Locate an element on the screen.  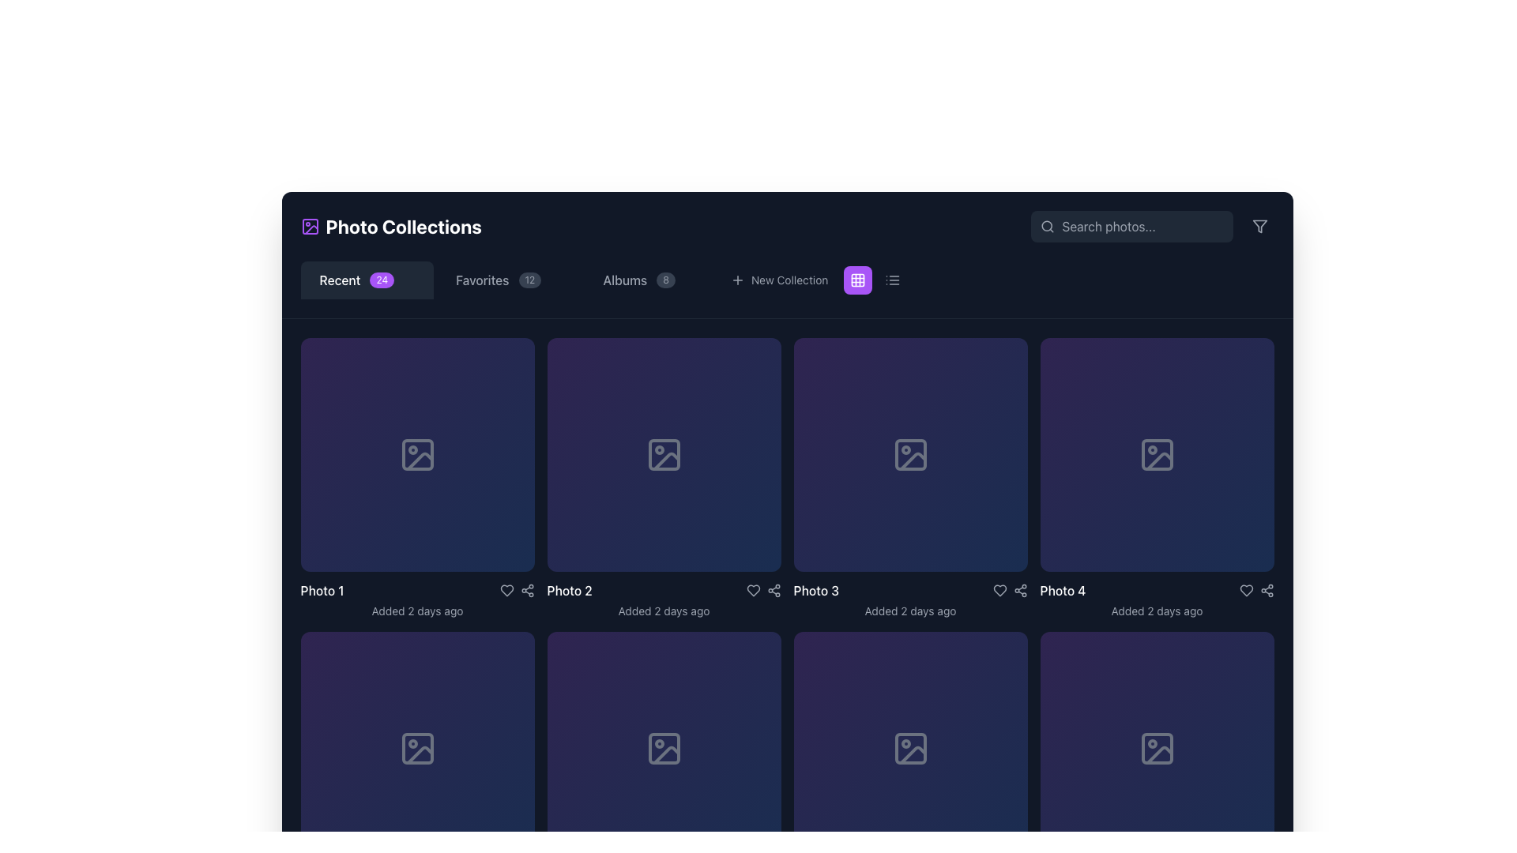
the text label displaying 'Added 2 days ago' located below the image thumbnail for 'Photo 1' is located at coordinates (417, 611).